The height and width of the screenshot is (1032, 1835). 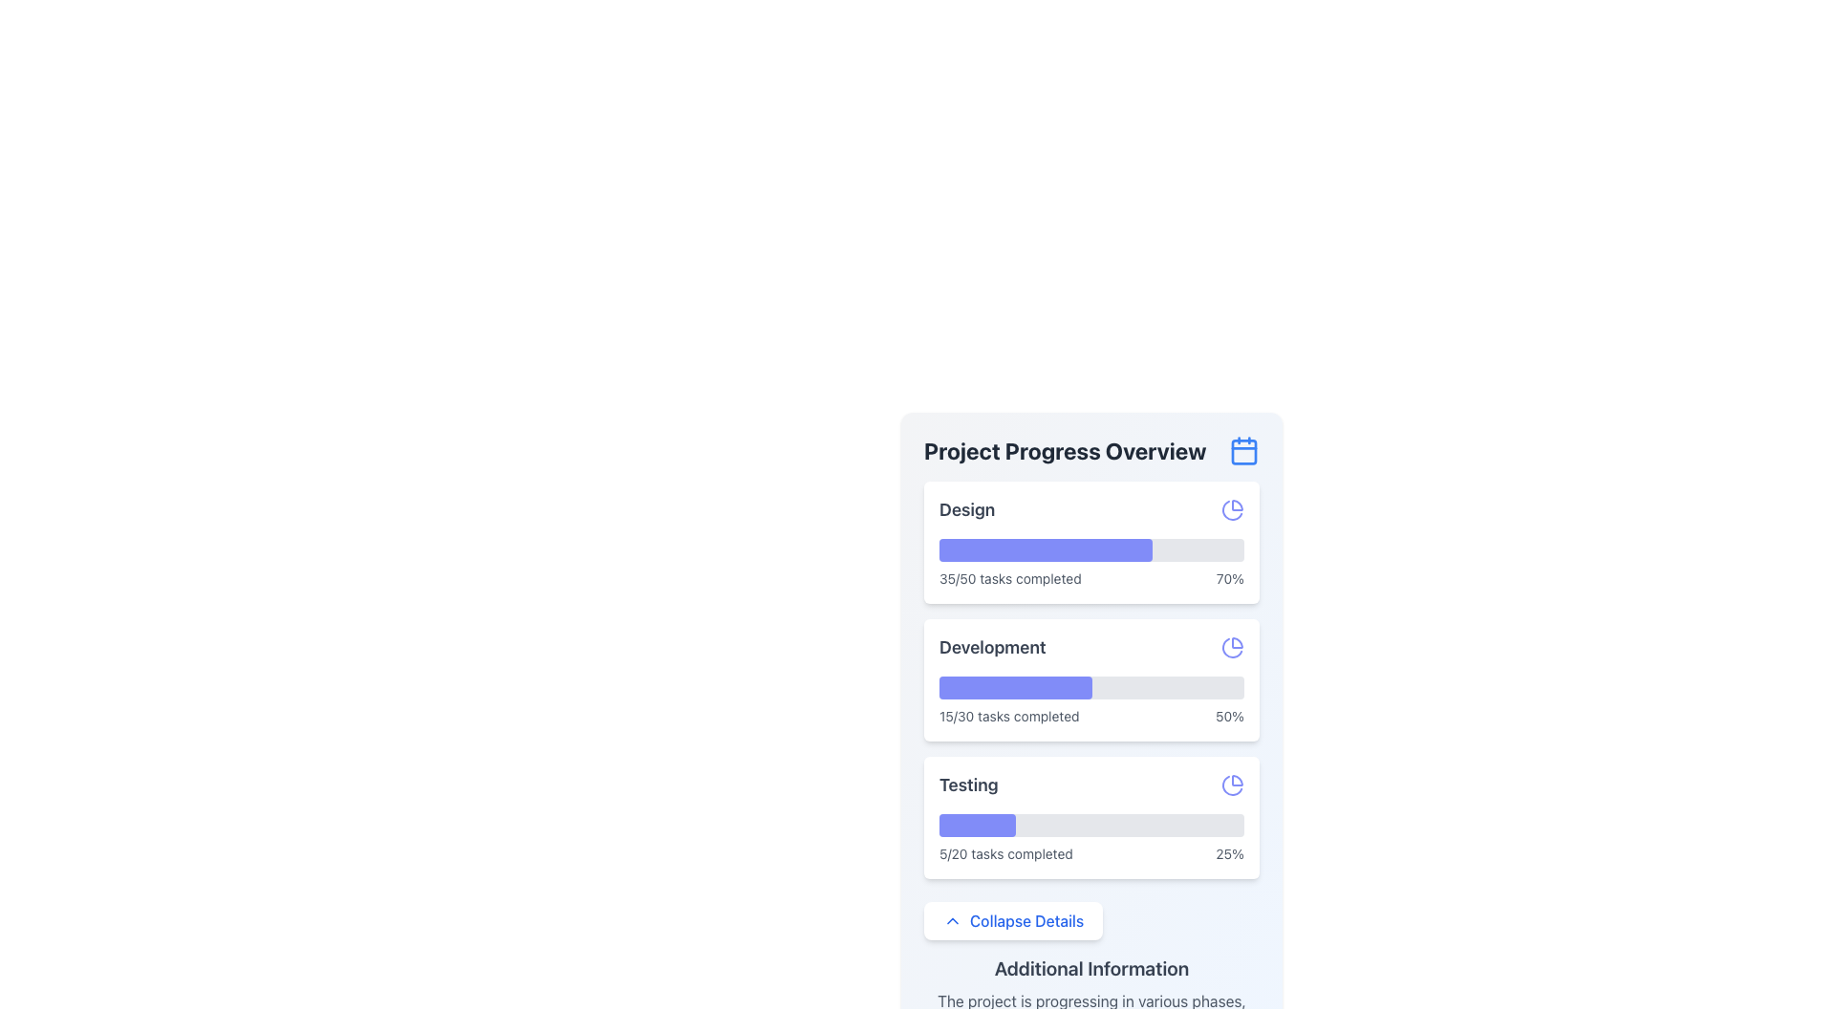 I want to click on the text label that serves as a title for the 'Design' phase within the 'Project Progress Overview' section, located to the left of the pie chart icon, so click(x=967, y=508).